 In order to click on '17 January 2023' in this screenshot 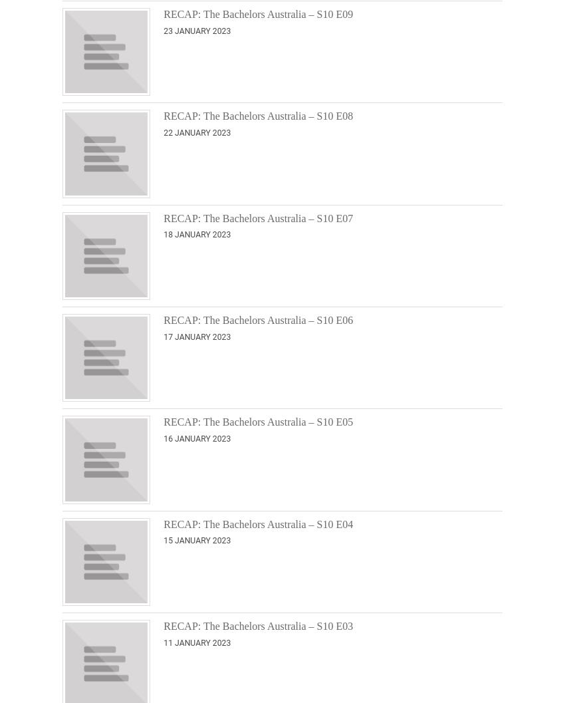, I will do `click(163, 336)`.